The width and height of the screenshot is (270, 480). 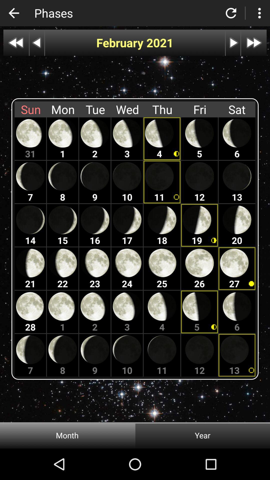 What do you see at coordinates (254, 43) in the screenshot?
I see `go forward` at bounding box center [254, 43].